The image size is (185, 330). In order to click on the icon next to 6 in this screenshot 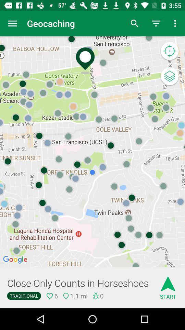, I will do `click(24, 295)`.